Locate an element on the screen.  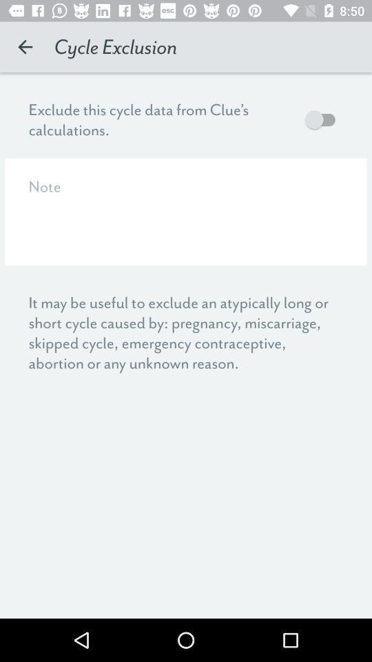
icon at the top right corner is located at coordinates (323, 119).